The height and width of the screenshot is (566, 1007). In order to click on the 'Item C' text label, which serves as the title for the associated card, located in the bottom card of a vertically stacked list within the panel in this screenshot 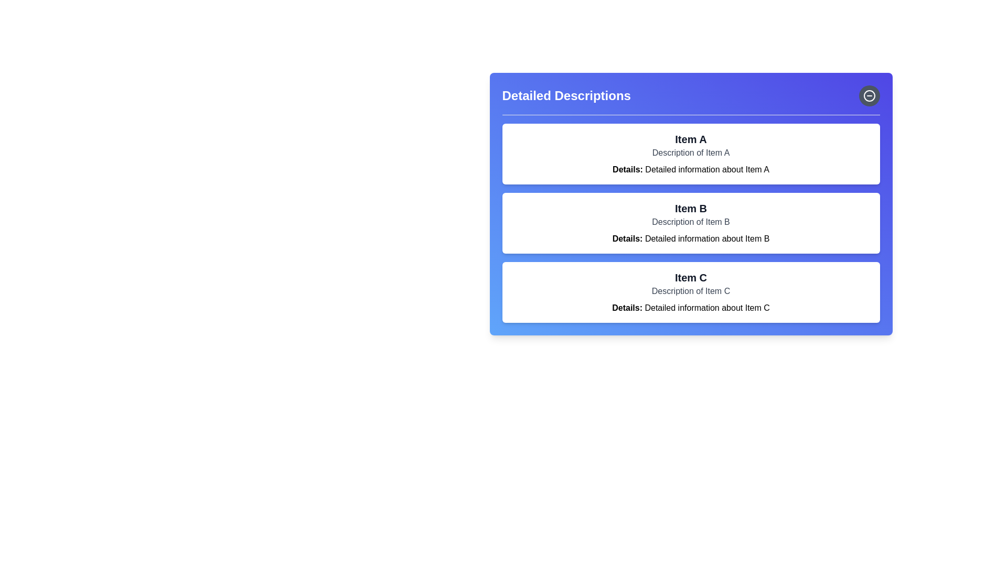, I will do `click(691, 277)`.